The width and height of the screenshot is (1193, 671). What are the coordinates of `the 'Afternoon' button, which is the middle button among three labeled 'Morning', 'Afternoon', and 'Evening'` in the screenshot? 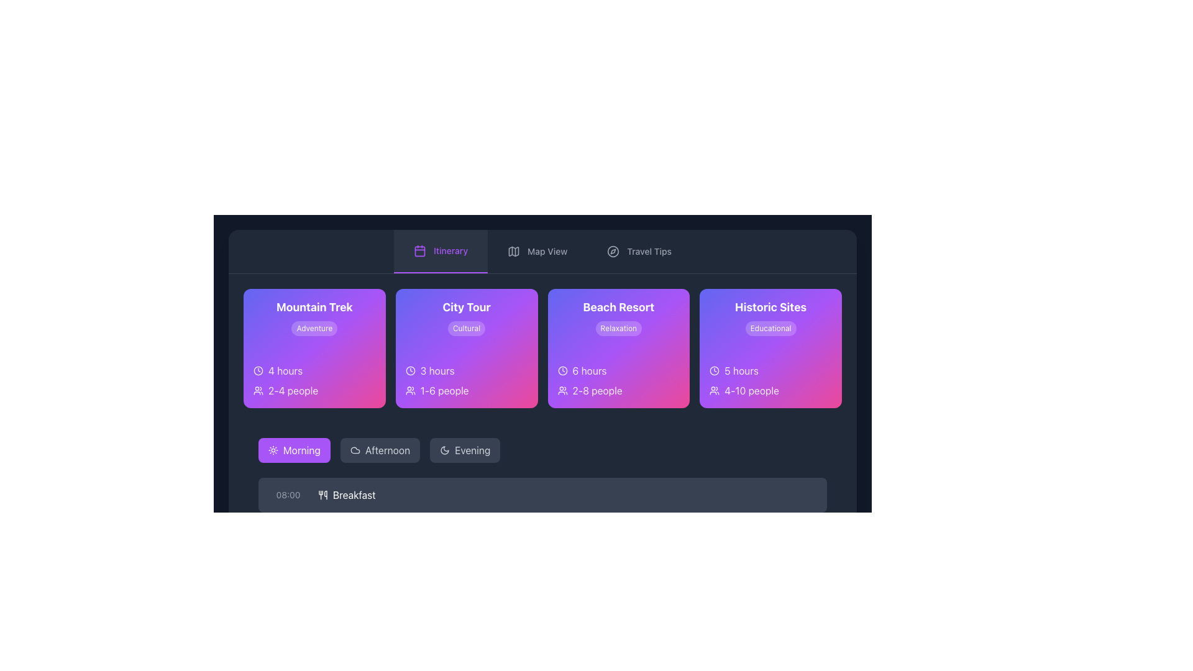 It's located at (379, 450).